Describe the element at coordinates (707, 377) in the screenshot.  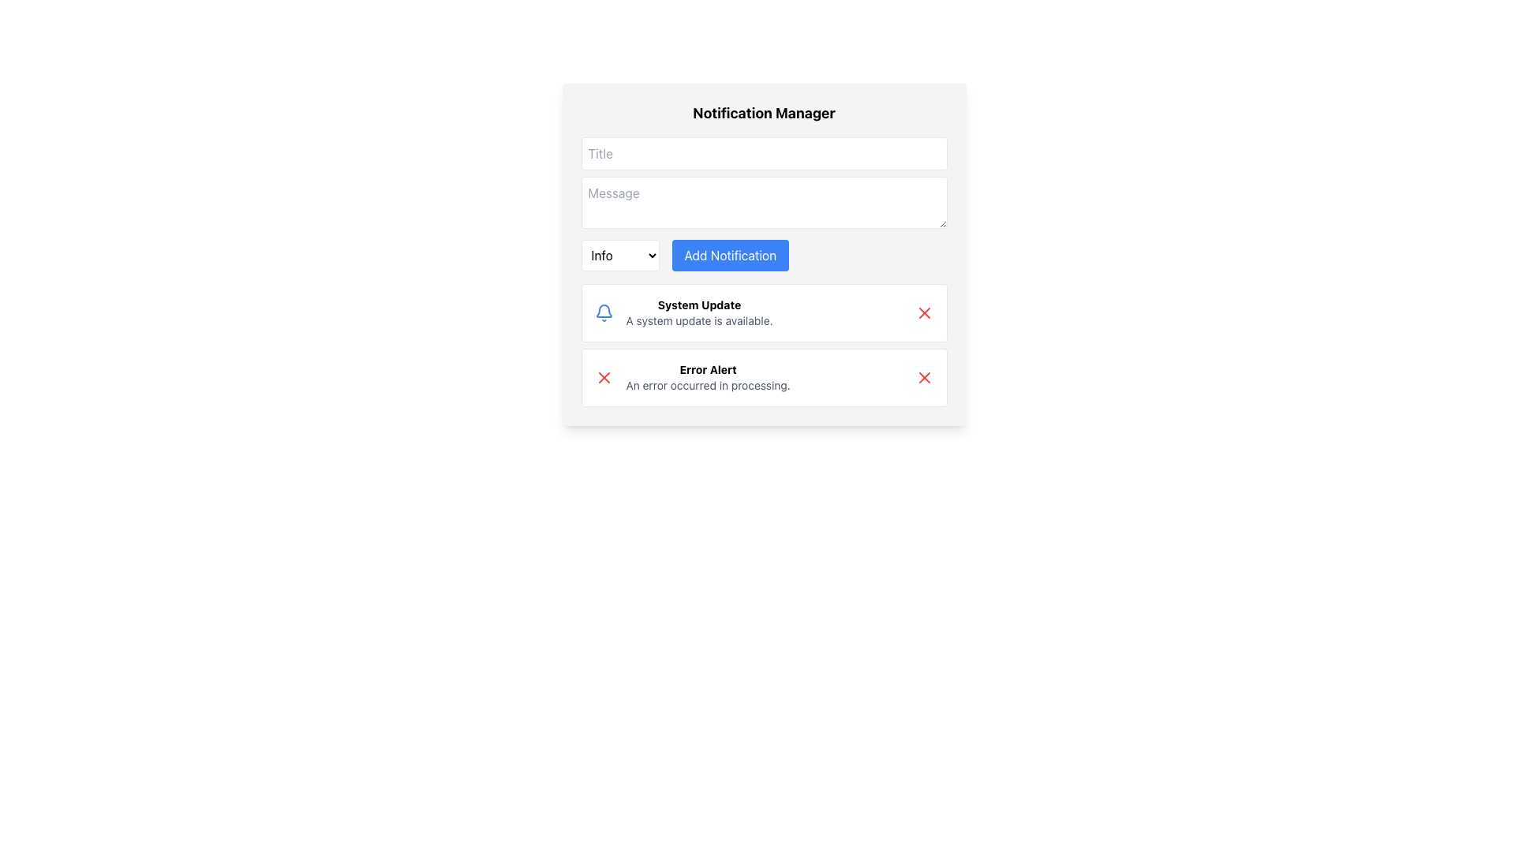
I see `error message displayed in the Text Label titled 'Error Alert' which is located to the right of a red 'X' icon and below 'System Update' in the notification manager interface` at that location.